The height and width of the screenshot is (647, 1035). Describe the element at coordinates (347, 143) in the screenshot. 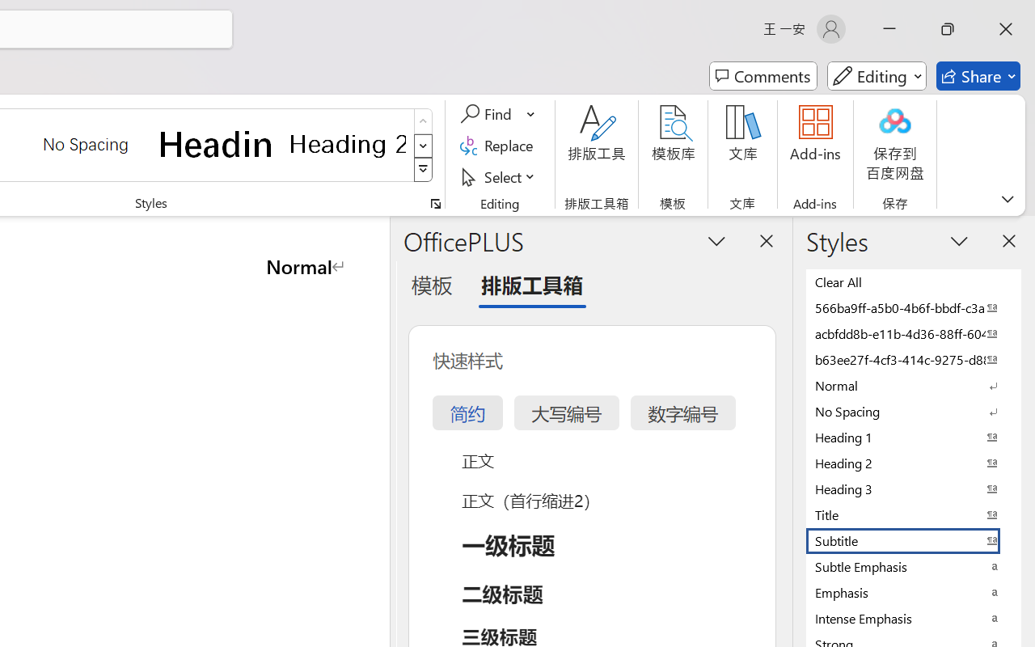

I see `'Heading 2'` at that location.